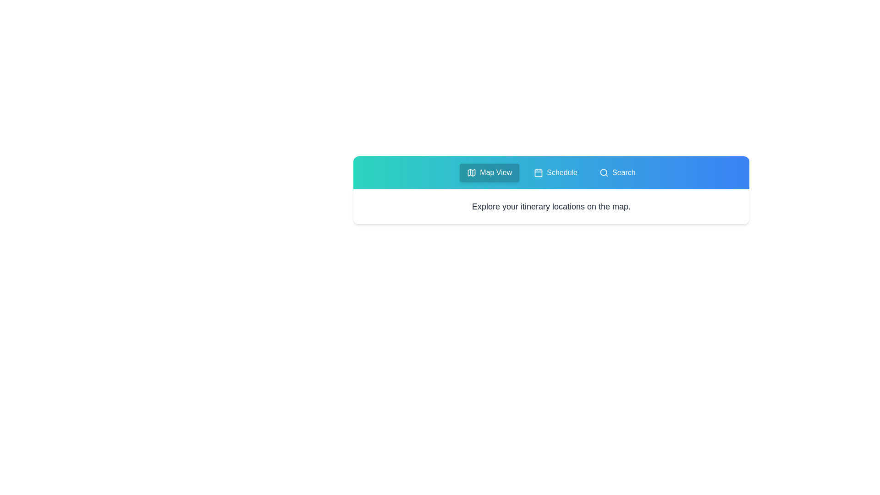  Describe the element at coordinates (495, 173) in the screenshot. I see `the 'Map View' button in the top navigation bar` at that location.